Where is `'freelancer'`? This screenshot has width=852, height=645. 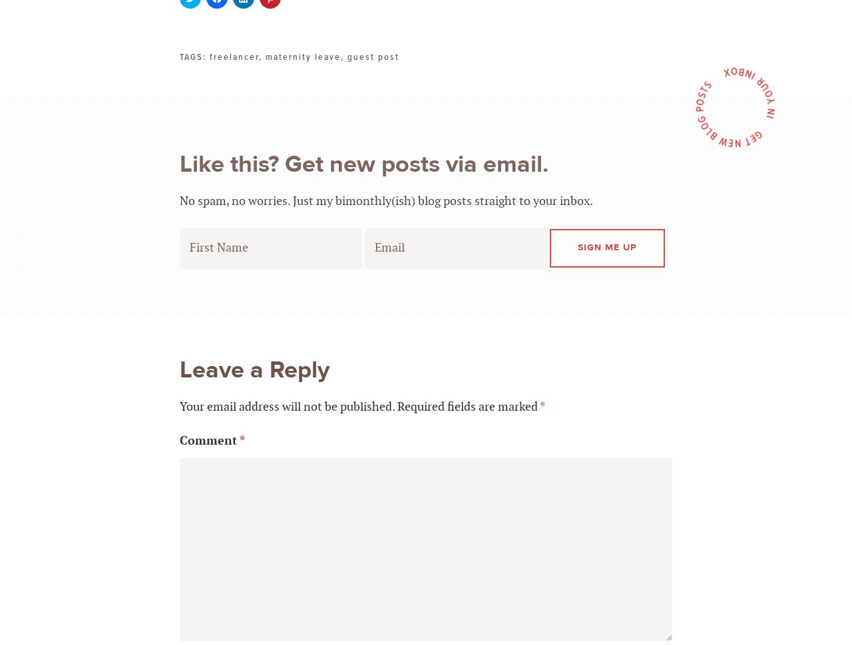 'freelancer' is located at coordinates (234, 55).